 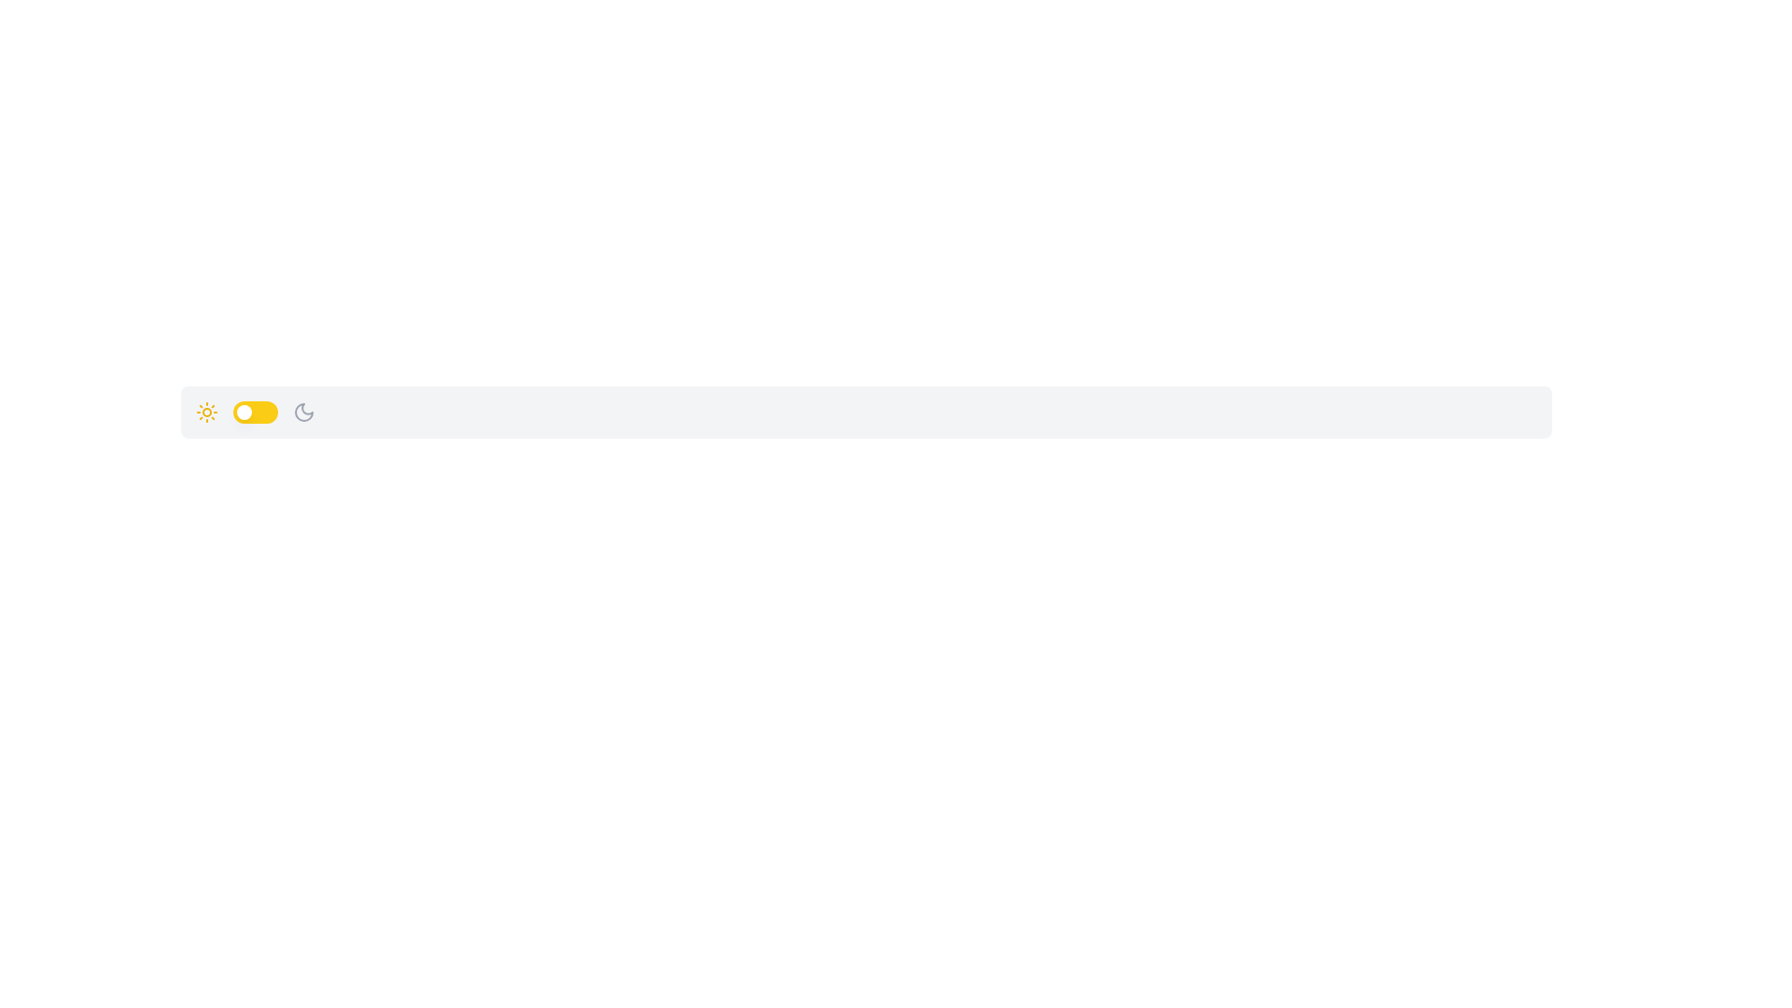 What do you see at coordinates (304, 412) in the screenshot?
I see `the crescent moon icon, which is gray and located in the navigation bar, typically for theme switching, adjacent to the toggle` at bounding box center [304, 412].